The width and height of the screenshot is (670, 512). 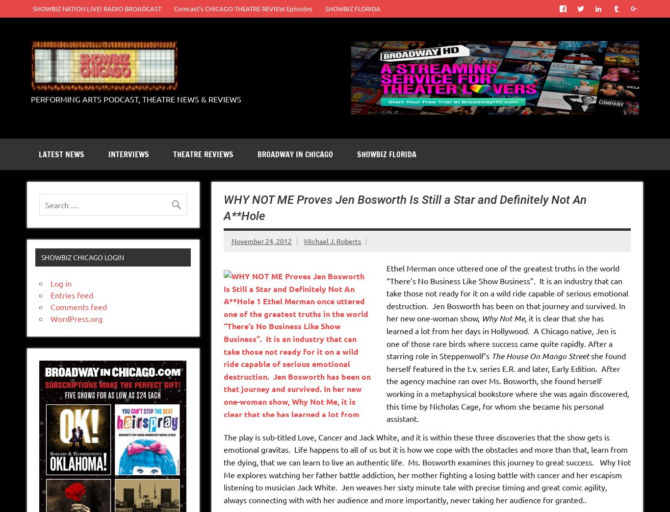 I want to click on 'Log in', so click(x=60, y=283).